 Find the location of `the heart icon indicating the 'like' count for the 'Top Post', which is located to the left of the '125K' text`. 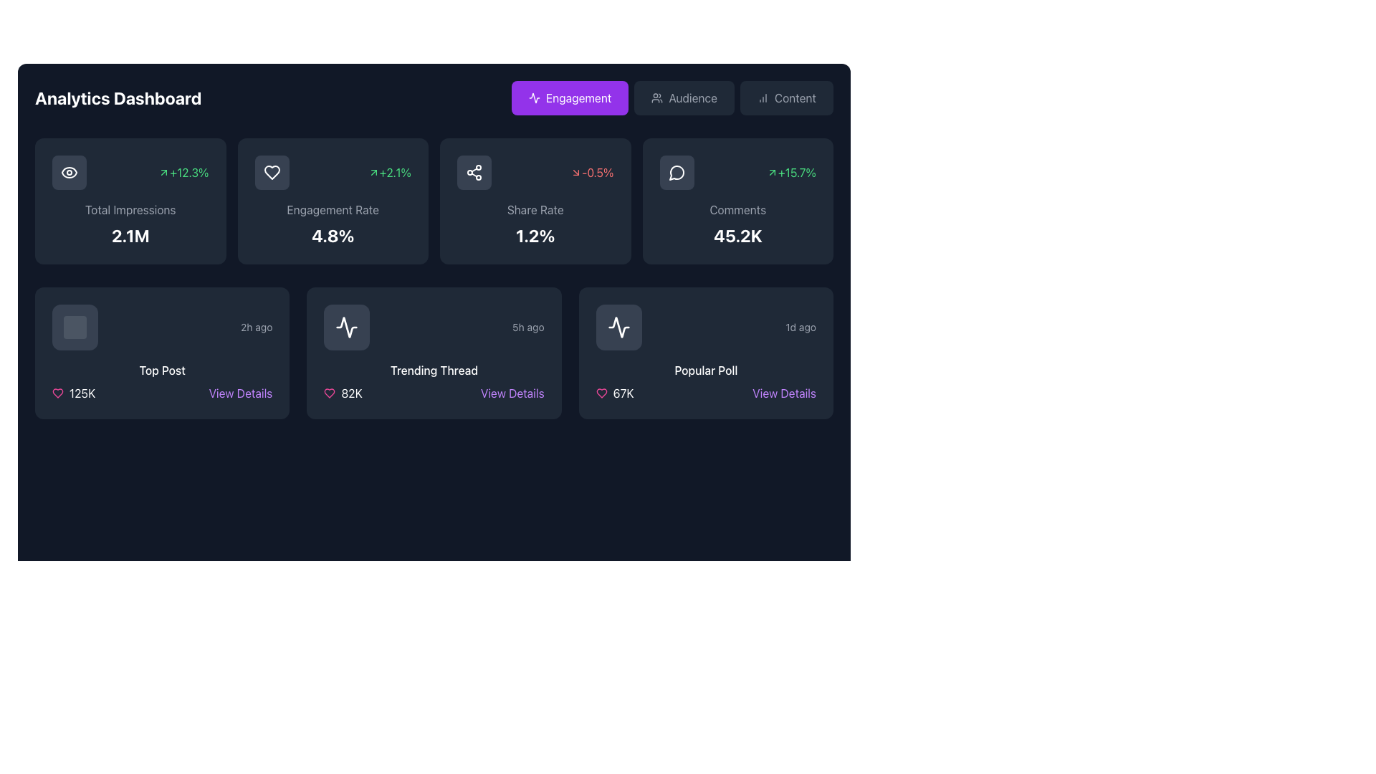

the heart icon indicating the 'like' count for the 'Top Post', which is located to the left of the '125K' text is located at coordinates (57, 393).